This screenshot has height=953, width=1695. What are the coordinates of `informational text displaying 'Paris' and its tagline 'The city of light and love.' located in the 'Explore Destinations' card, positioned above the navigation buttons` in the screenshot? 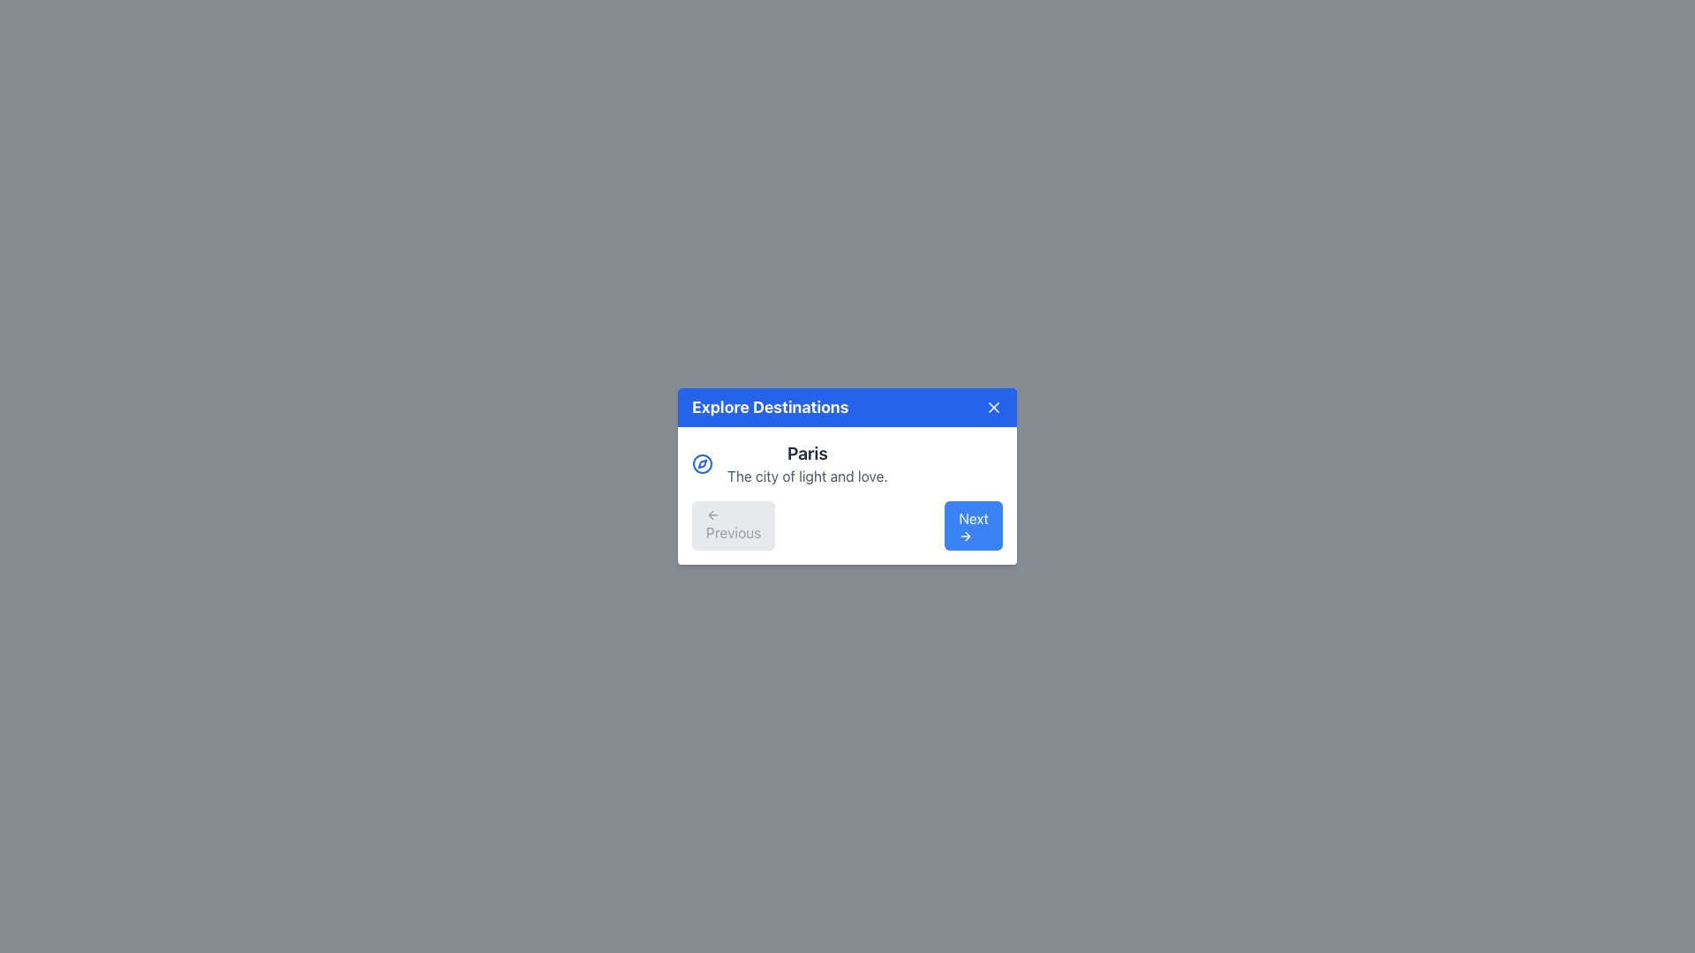 It's located at (847, 462).